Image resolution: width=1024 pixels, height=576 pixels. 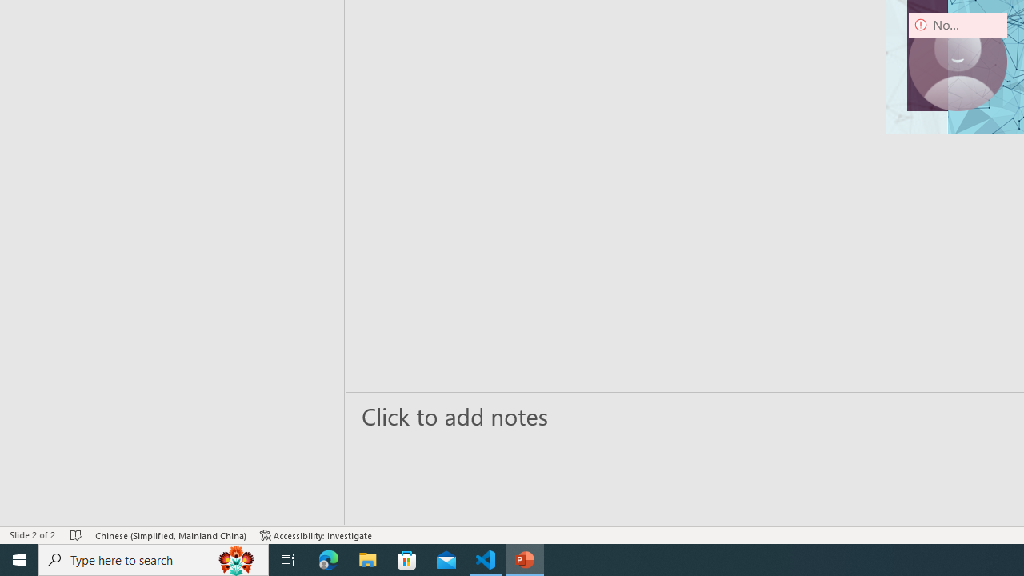 I want to click on 'Type here to search', so click(x=154, y=558).